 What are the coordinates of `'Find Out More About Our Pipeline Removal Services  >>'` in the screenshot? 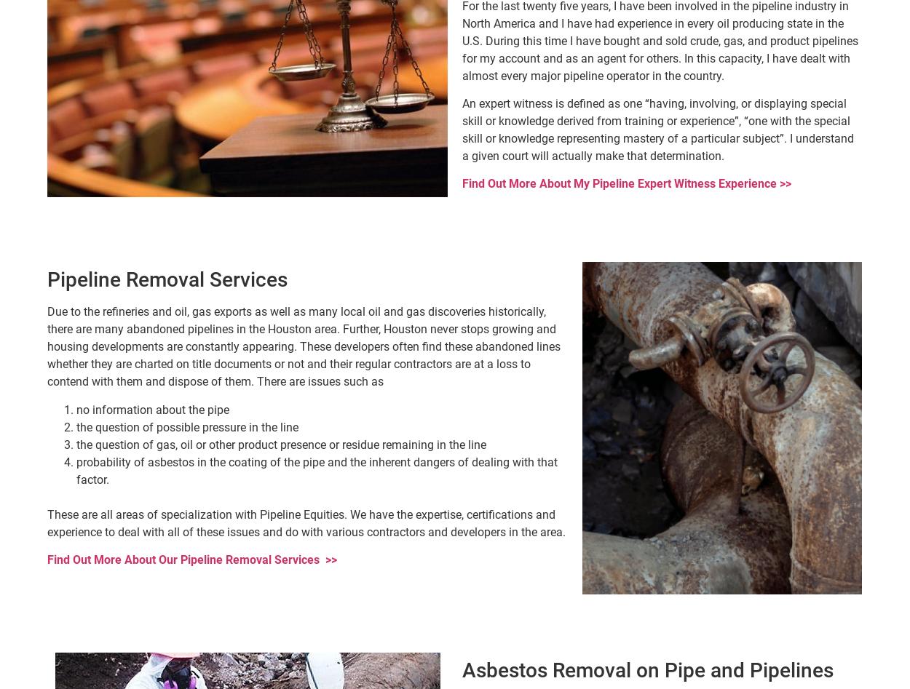 It's located at (192, 559).